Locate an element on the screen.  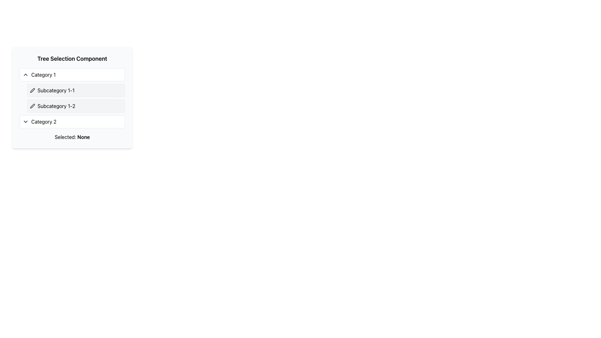
the edit icon located to the left of the text 'Subcategory 1-1' under the 'Category 1' section is located at coordinates (32, 90).